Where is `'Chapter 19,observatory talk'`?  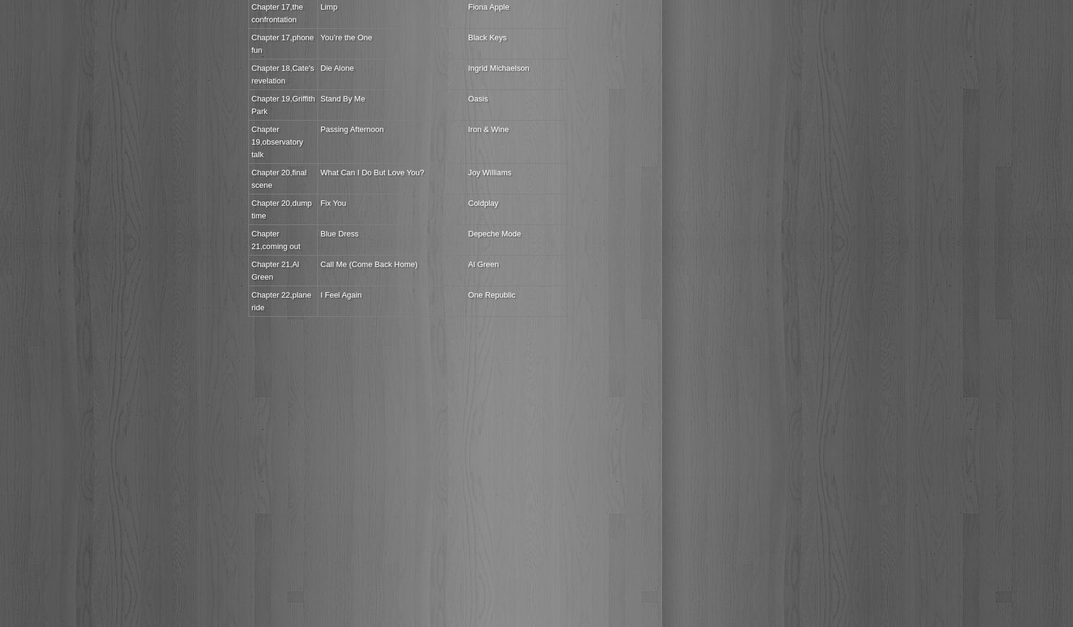 'Chapter 19,observatory talk' is located at coordinates (277, 141).